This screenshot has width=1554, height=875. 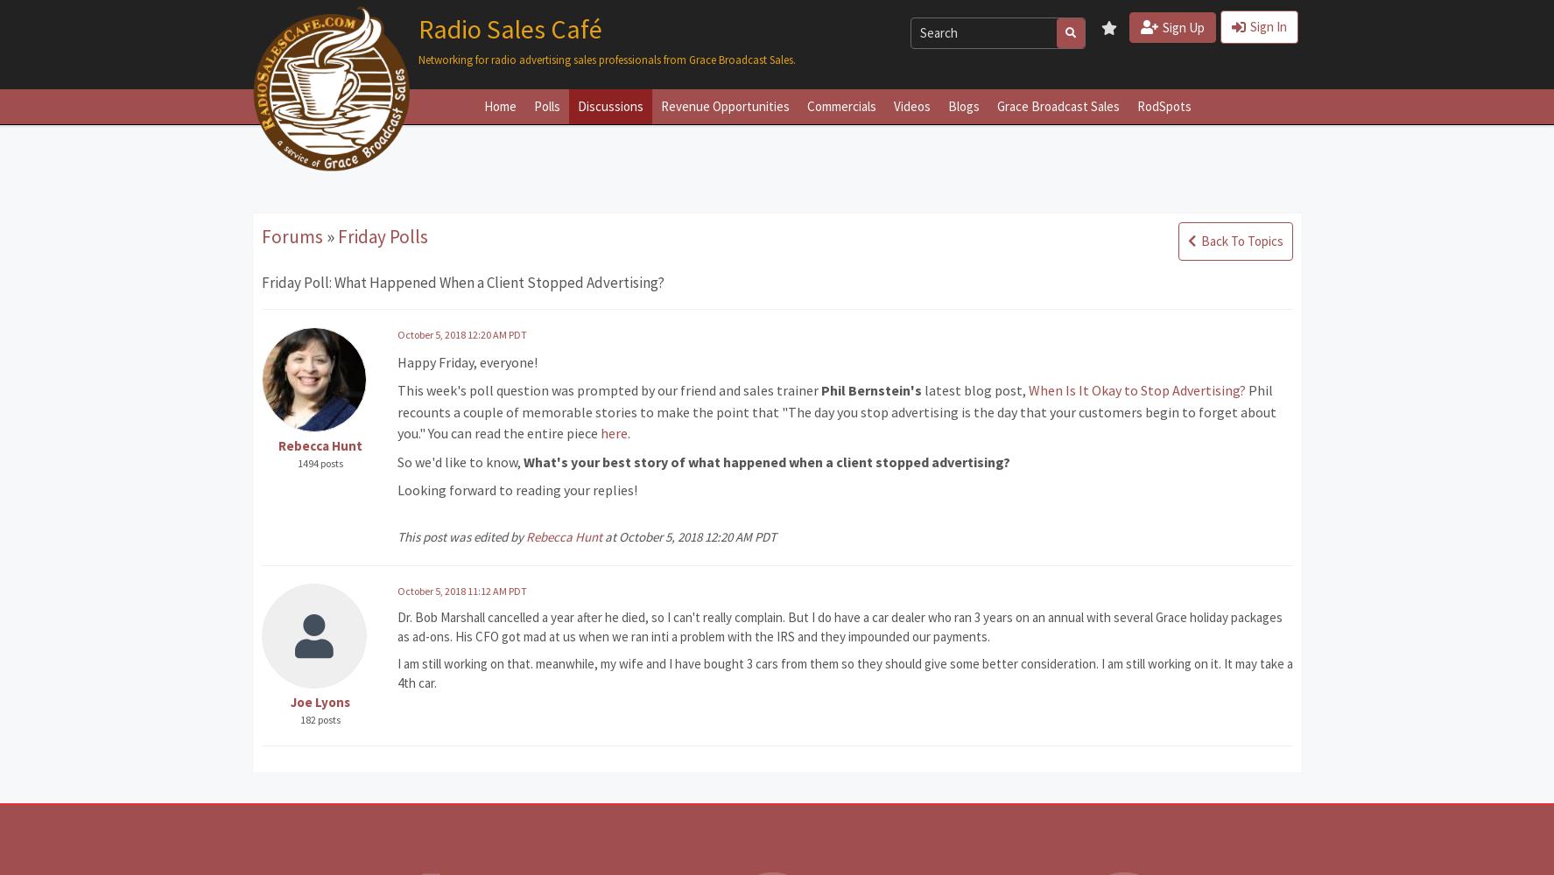 I want to click on 'I am still working on that. meanwhile, my wife and I have bought 3 cars from them so they should give some better consideration. I am still working on it. It may take a 4th car.', so click(x=844, y=673).